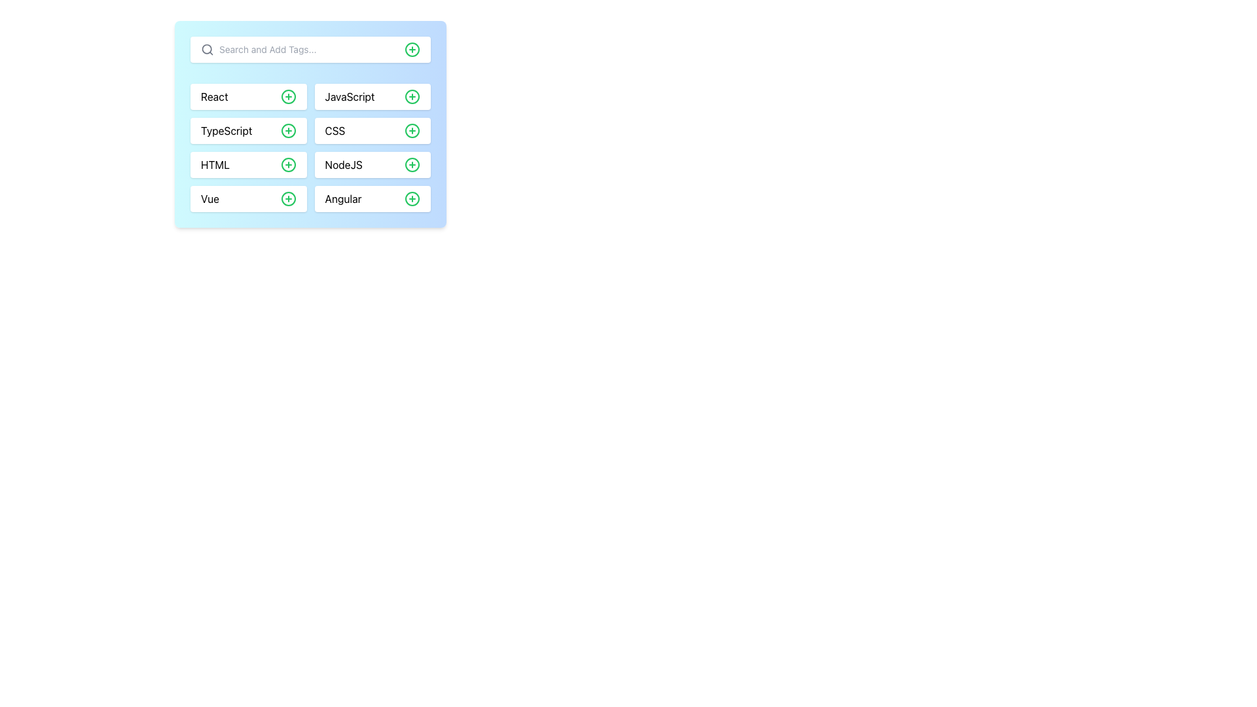 This screenshot has width=1257, height=707. Describe the element at coordinates (248, 131) in the screenshot. I see `the 'TypeScript' button located in the second row, first column of the button grid` at that location.